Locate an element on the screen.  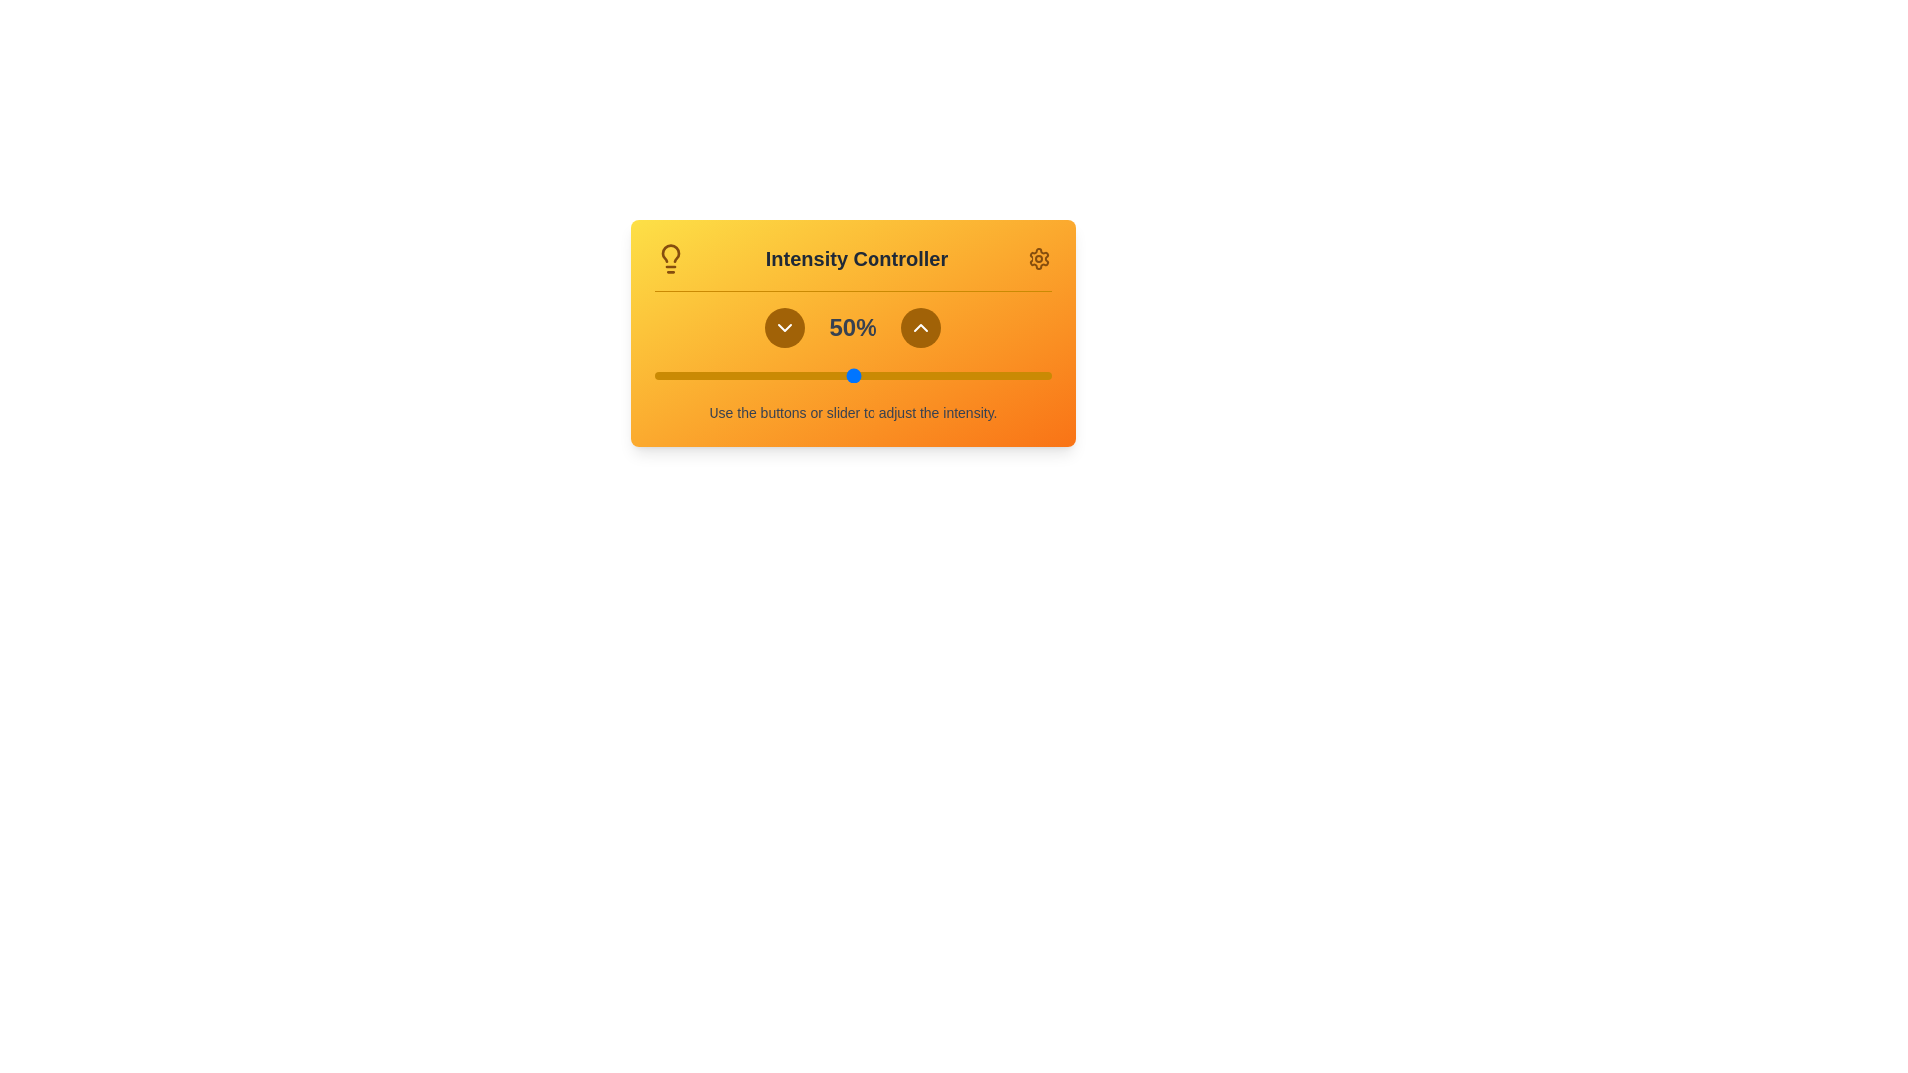
the chevron icon inside the circular button with a brown background and white border, which is used to increment the displayed percentage in the 'Intensity Controller' UI is located at coordinates (919, 327).